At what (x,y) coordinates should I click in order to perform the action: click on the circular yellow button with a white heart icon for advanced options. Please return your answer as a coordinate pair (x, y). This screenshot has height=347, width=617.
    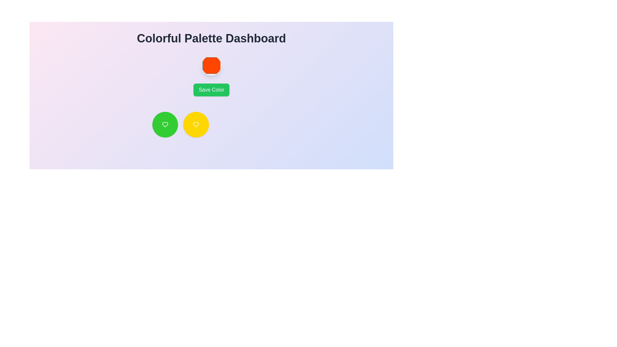
    Looking at the image, I should click on (195, 125).